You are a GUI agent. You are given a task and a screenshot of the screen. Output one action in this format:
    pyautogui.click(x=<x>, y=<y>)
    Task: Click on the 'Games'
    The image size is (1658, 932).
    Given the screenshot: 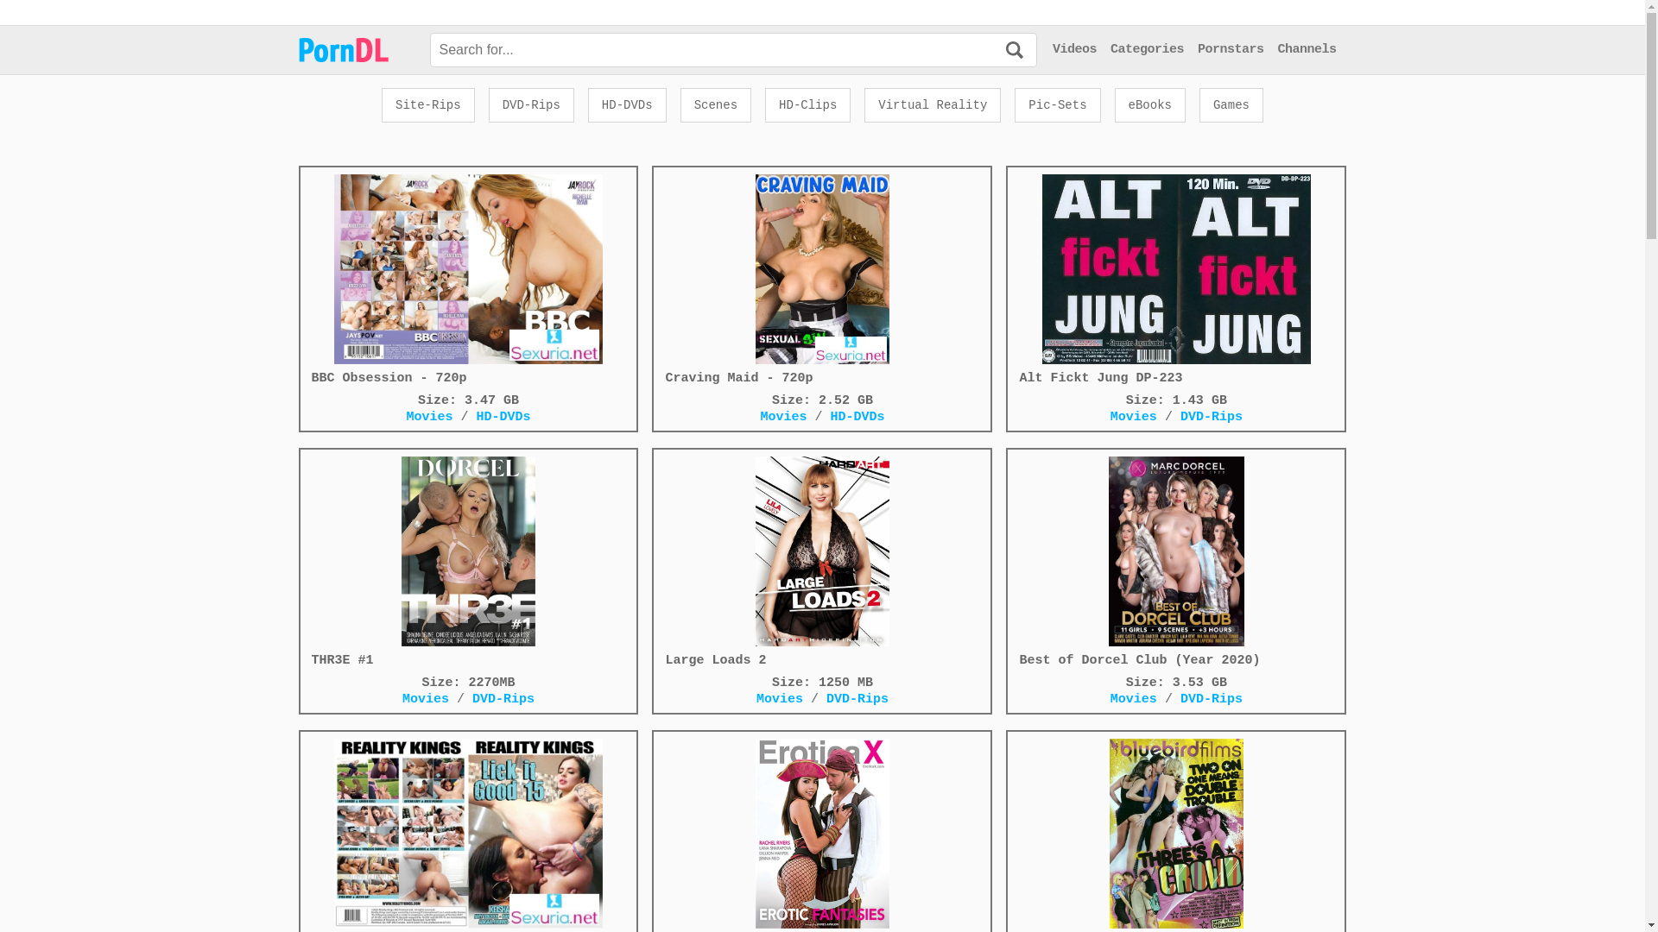 What is the action you would take?
    pyautogui.click(x=1198, y=105)
    